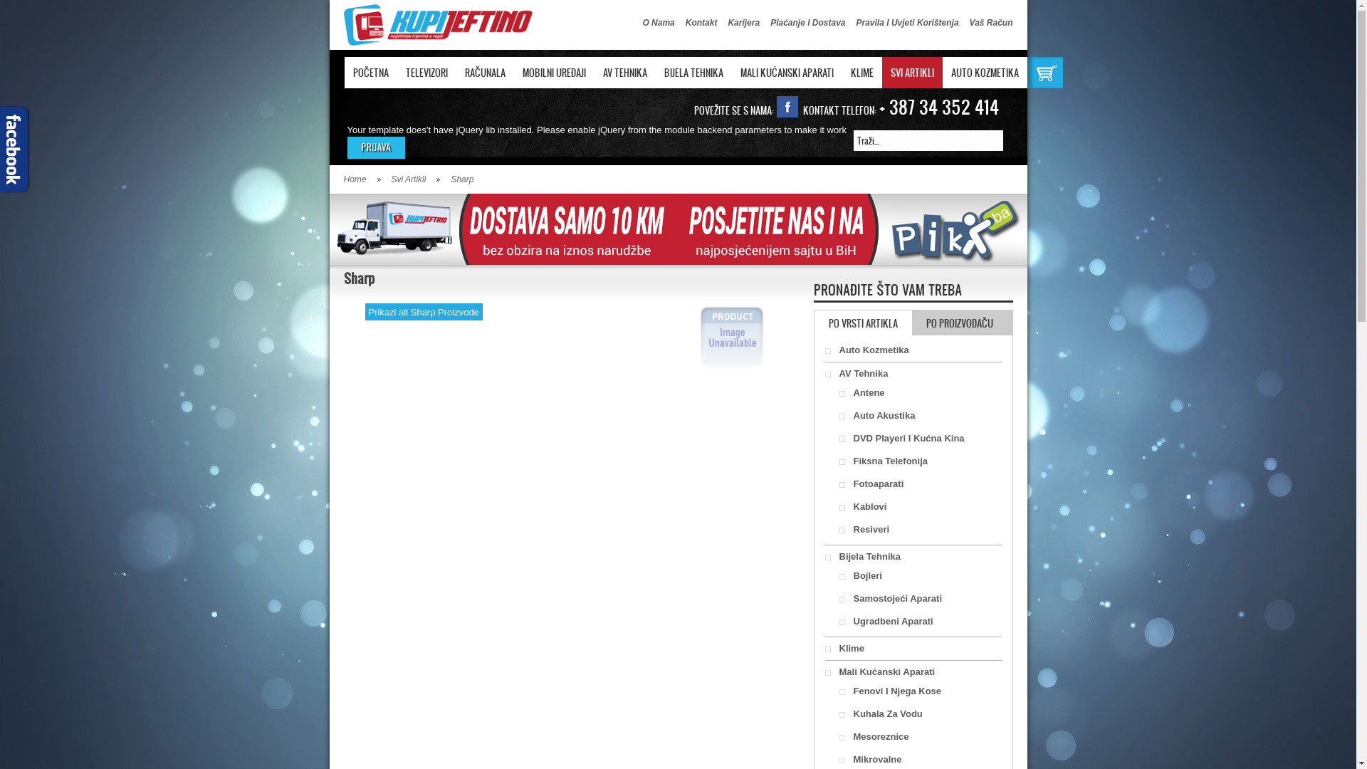  Describe the element at coordinates (911, 72) in the screenshot. I see `'SVI ARTIKLI'` at that location.